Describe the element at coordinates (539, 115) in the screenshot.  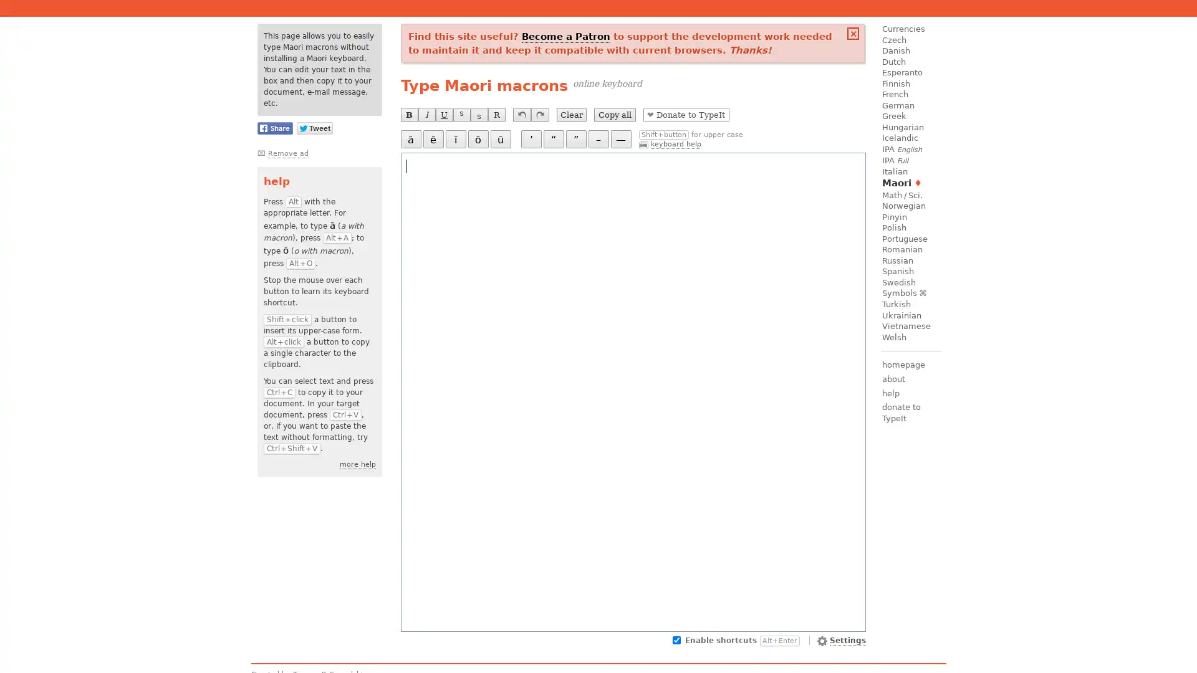
I see `redo last undone operation (Ctrl+Y)` at that location.